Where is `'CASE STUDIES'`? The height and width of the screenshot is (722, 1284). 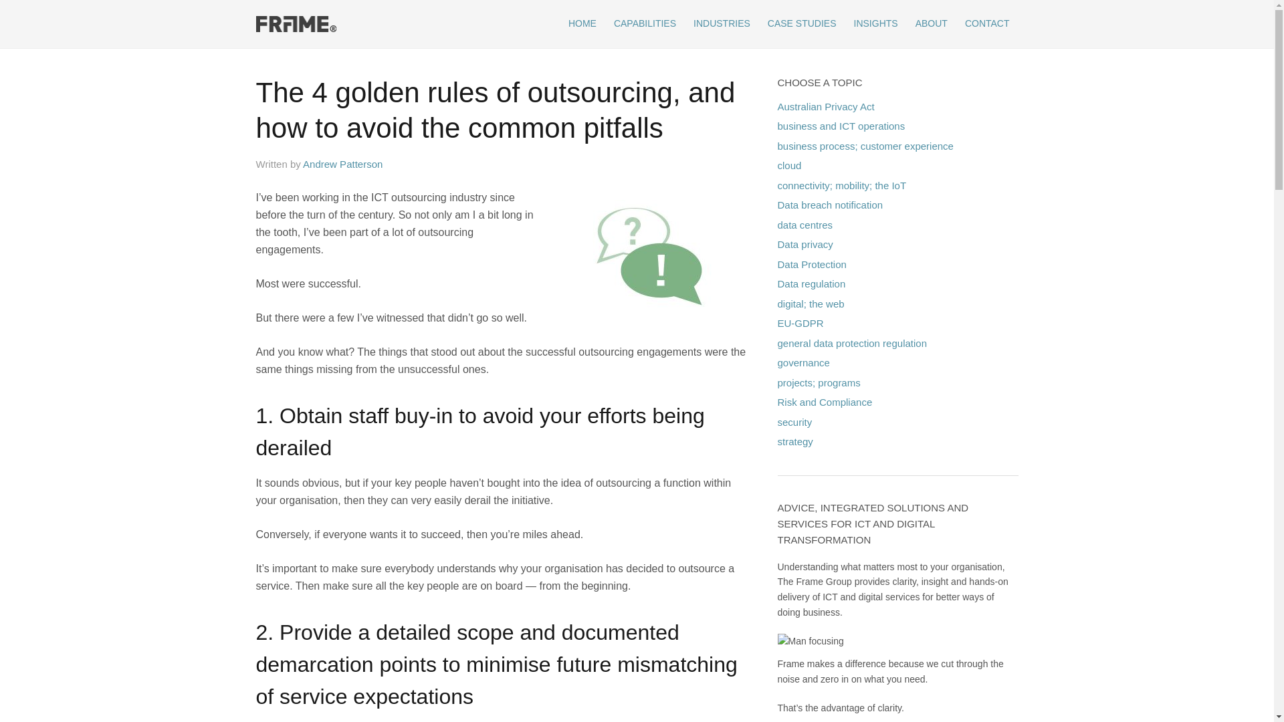
'CASE STUDIES' is located at coordinates (802, 23).